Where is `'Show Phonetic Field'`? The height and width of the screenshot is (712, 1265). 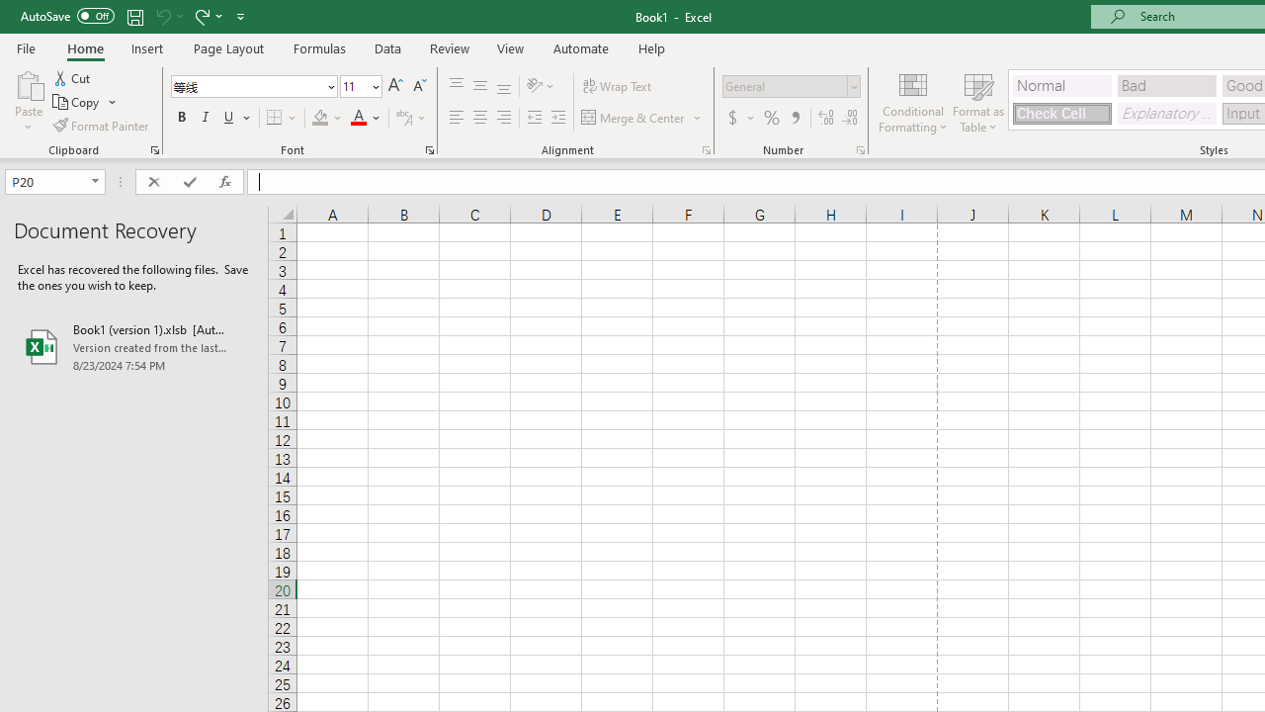
'Show Phonetic Field' is located at coordinates (410, 118).